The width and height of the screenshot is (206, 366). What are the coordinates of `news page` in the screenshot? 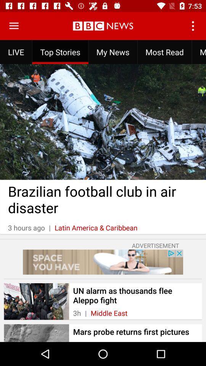 It's located at (14, 26).